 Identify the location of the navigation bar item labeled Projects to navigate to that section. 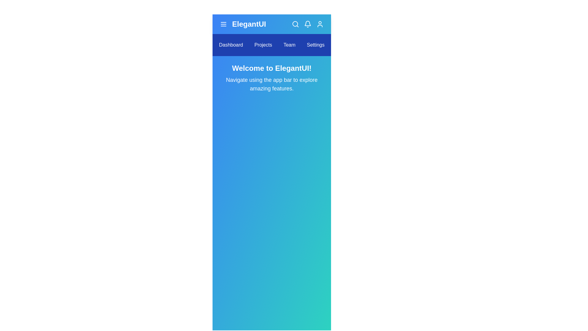
(263, 44).